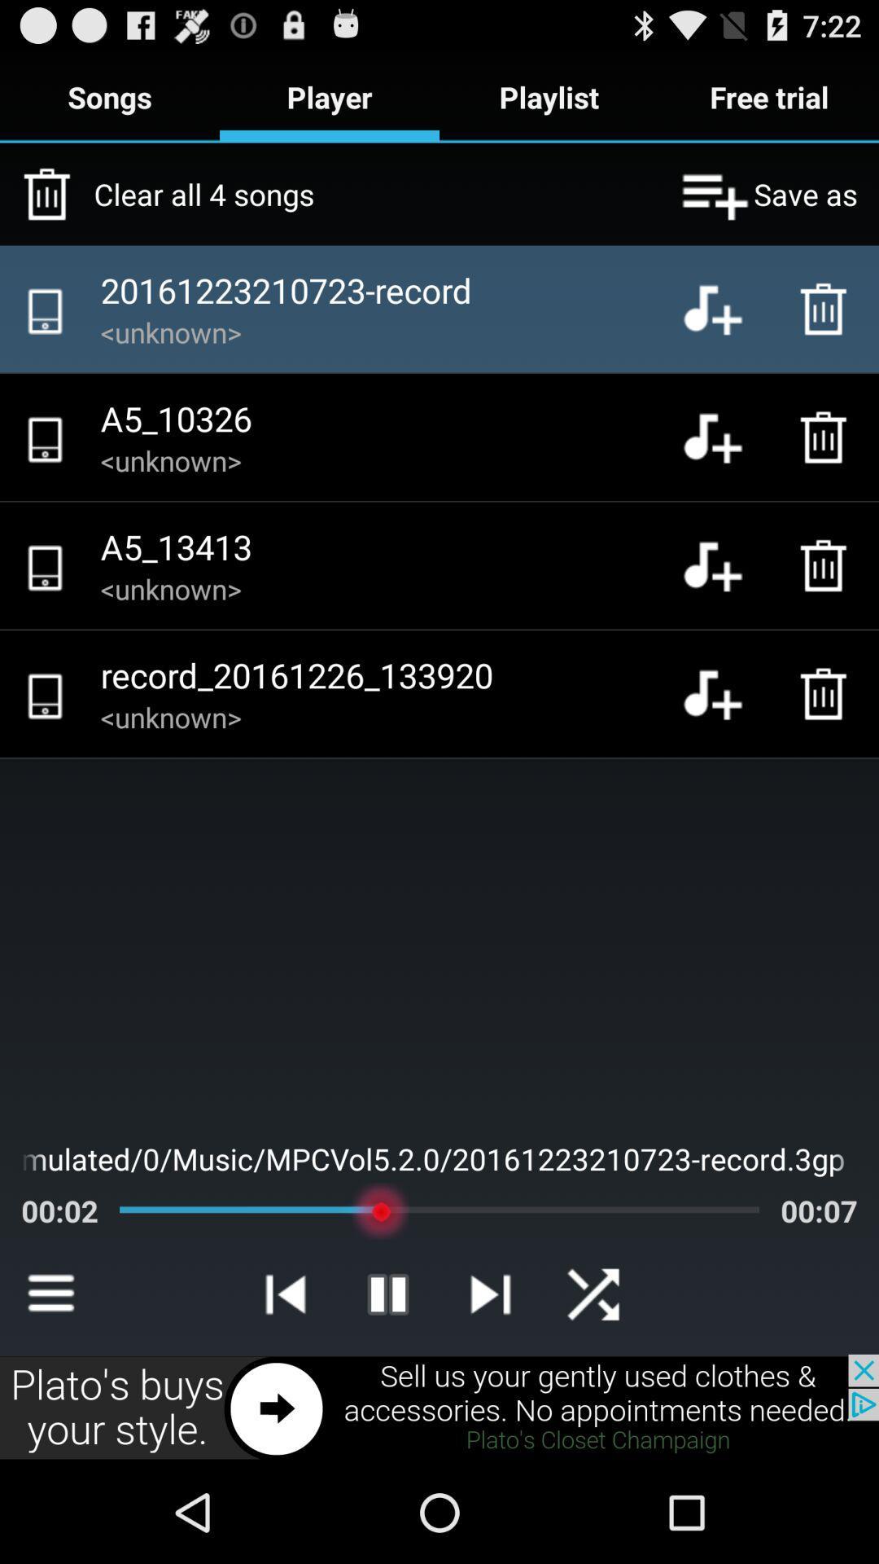 This screenshot has height=1564, width=879. I want to click on delete option, so click(828, 437).